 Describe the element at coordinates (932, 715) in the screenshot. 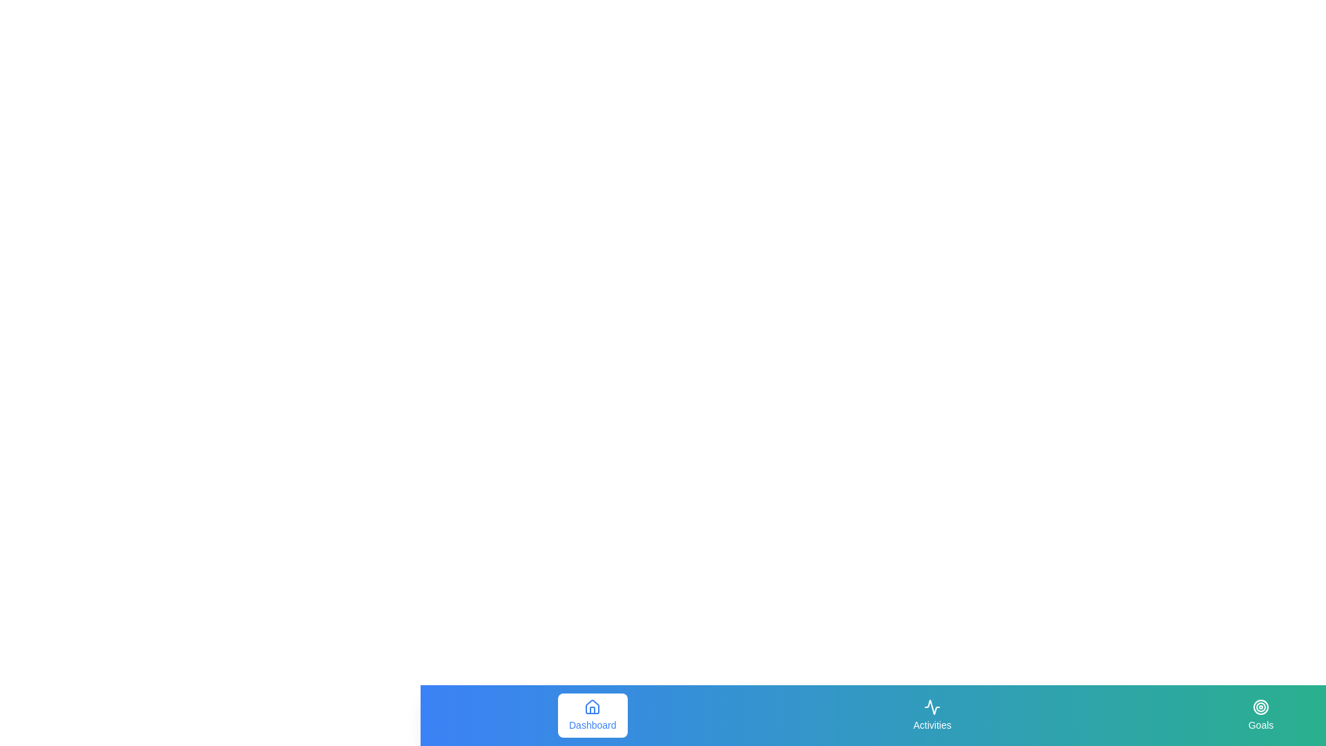

I see `the navigation tab labeled Activities` at that location.